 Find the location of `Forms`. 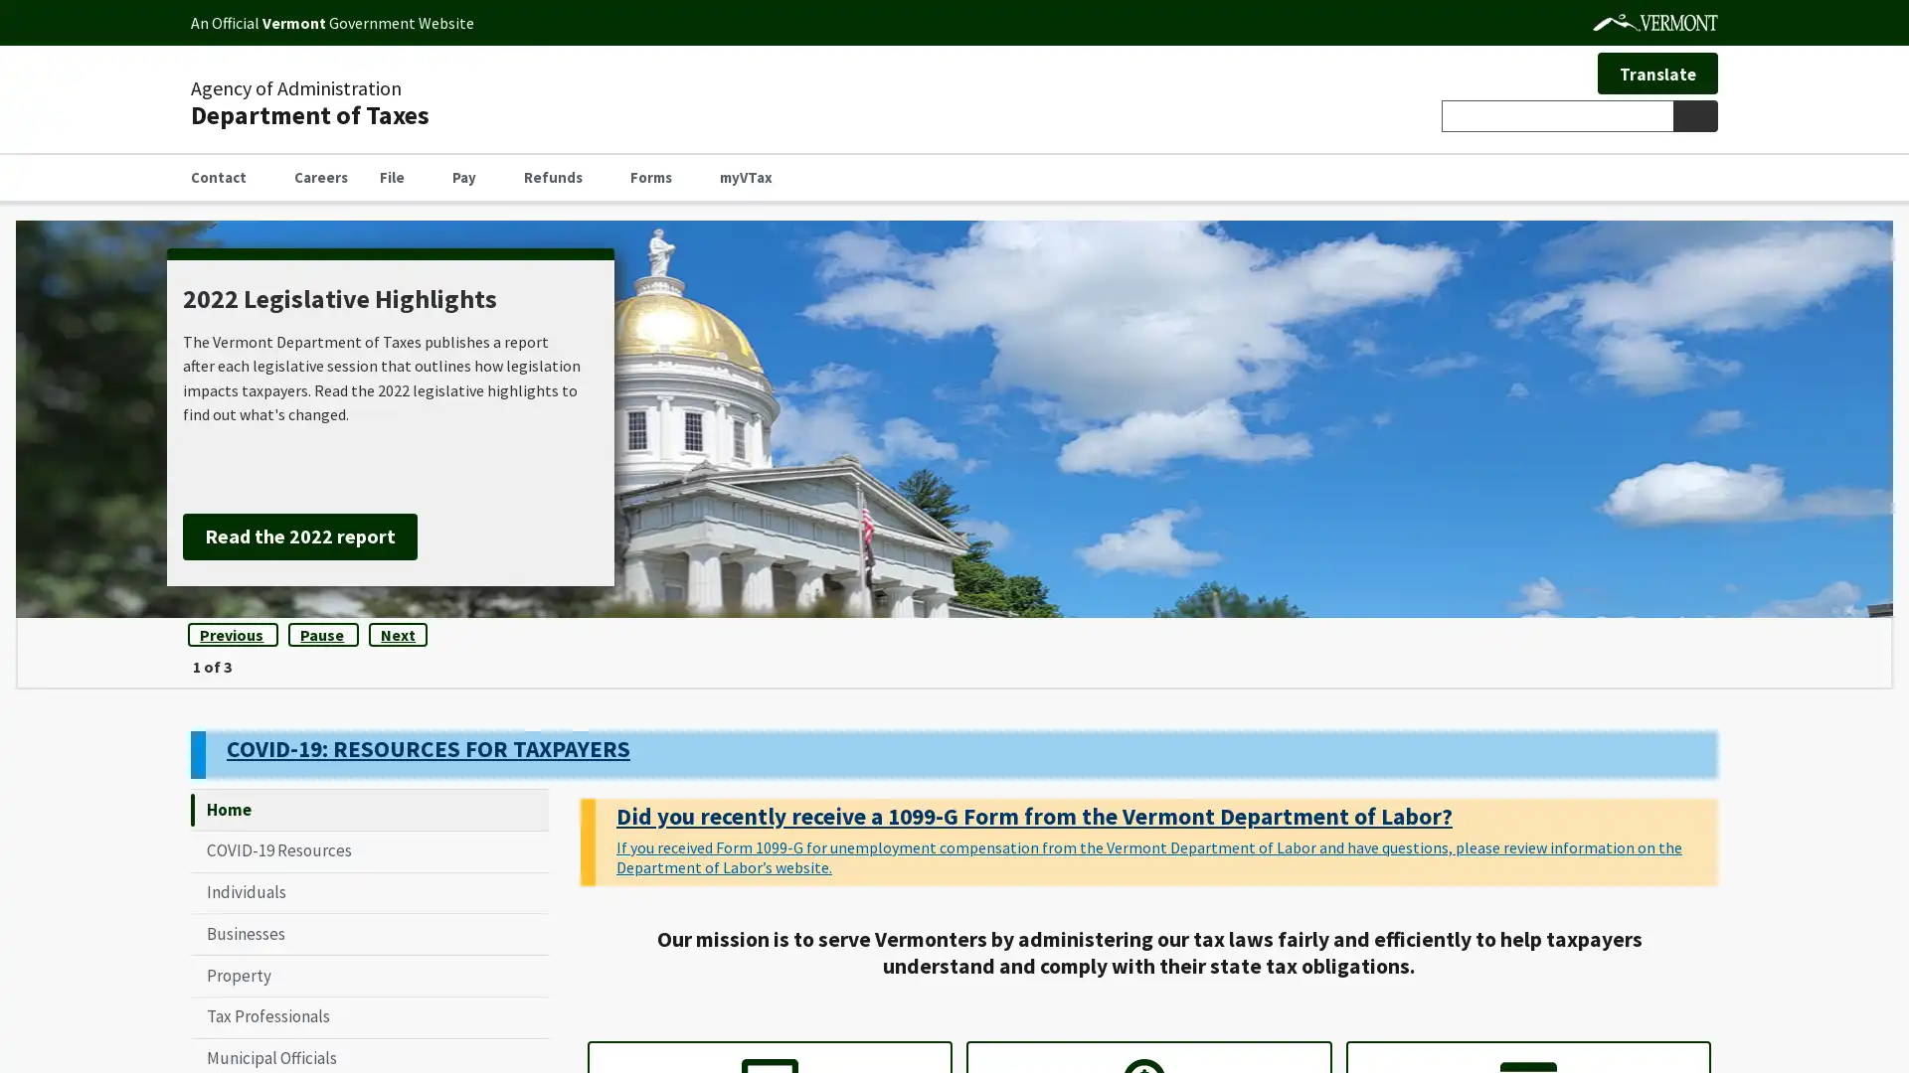

Forms is located at coordinates (658, 175).